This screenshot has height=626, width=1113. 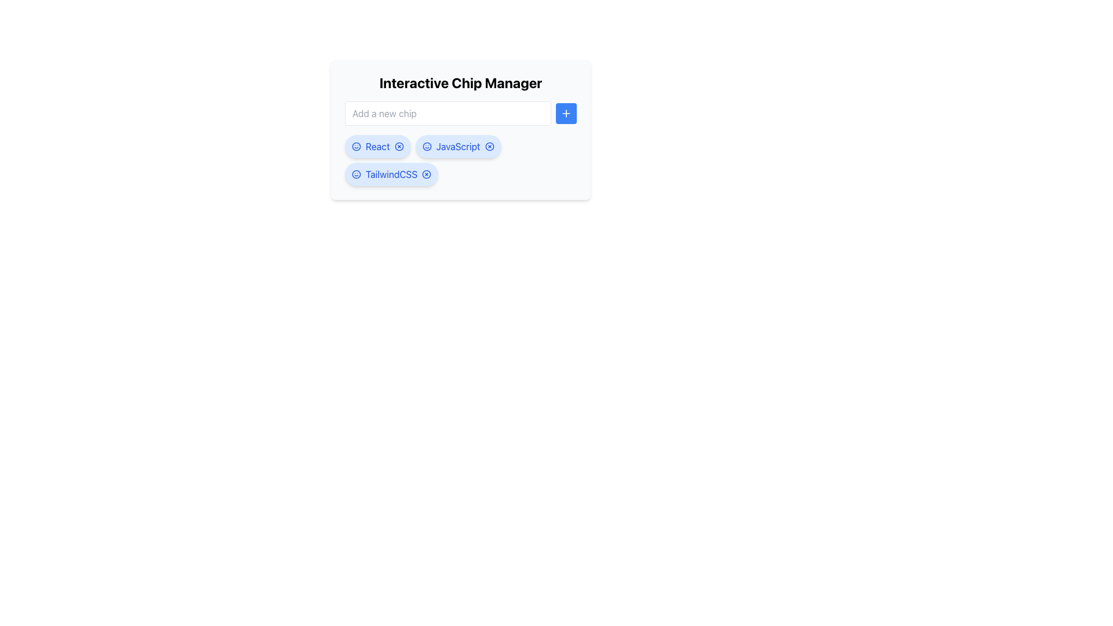 I want to click on the icon representing the action of adding a new chip, located within a blue circular button to the right of the 'Add a new chip' input field, so click(x=566, y=114).